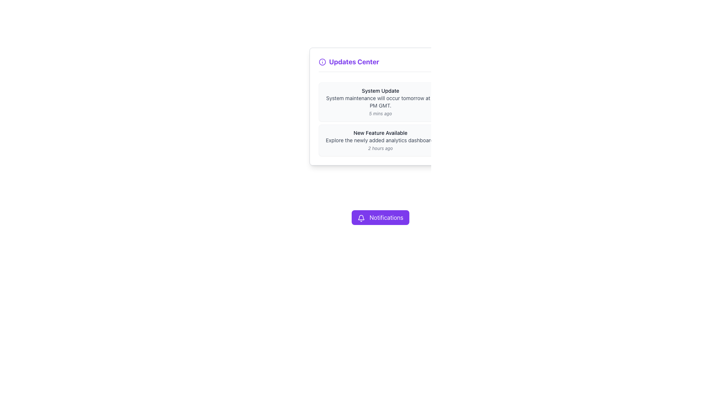 The height and width of the screenshot is (399, 710). I want to click on the SVG icon representing information located to the left of the 'Updates Center' text in the header, so click(322, 62).